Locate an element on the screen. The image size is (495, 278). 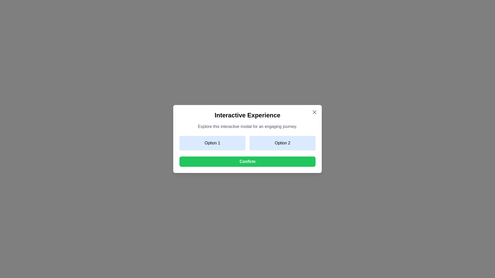
the close button located in the top right corner of the modal is located at coordinates (314, 112).